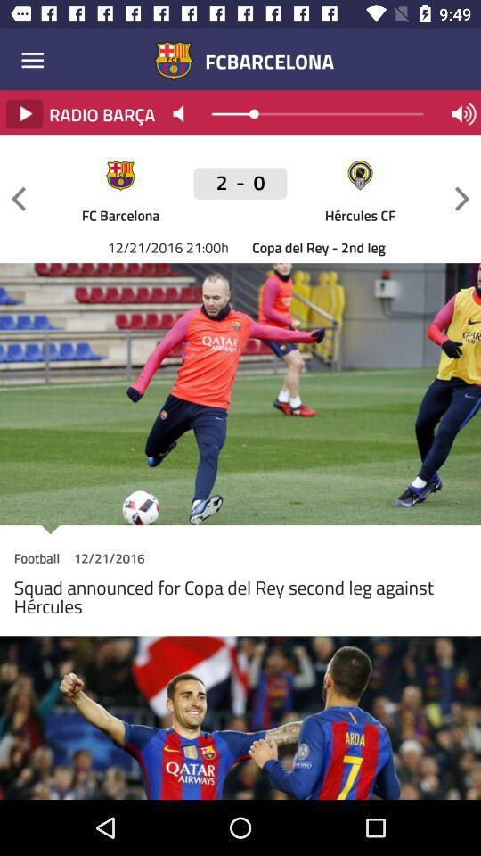  Describe the element at coordinates (240, 530) in the screenshot. I see `icon above football` at that location.